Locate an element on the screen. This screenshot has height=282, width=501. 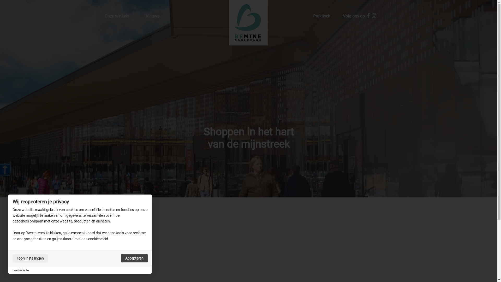
'Praktisch' is located at coordinates (321, 16).